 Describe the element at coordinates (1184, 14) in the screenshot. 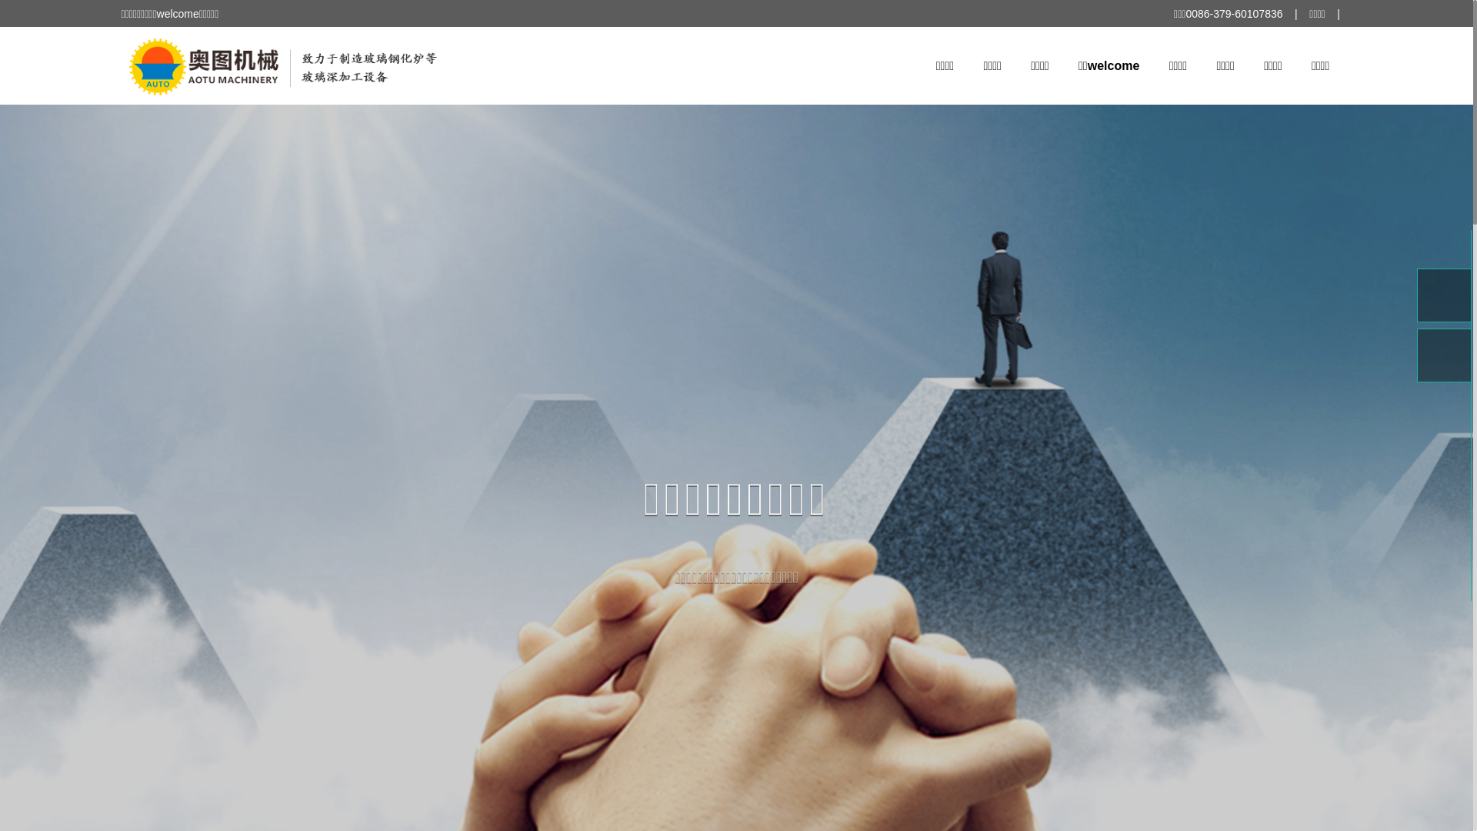

I see `'0086-379-60107836'` at that location.